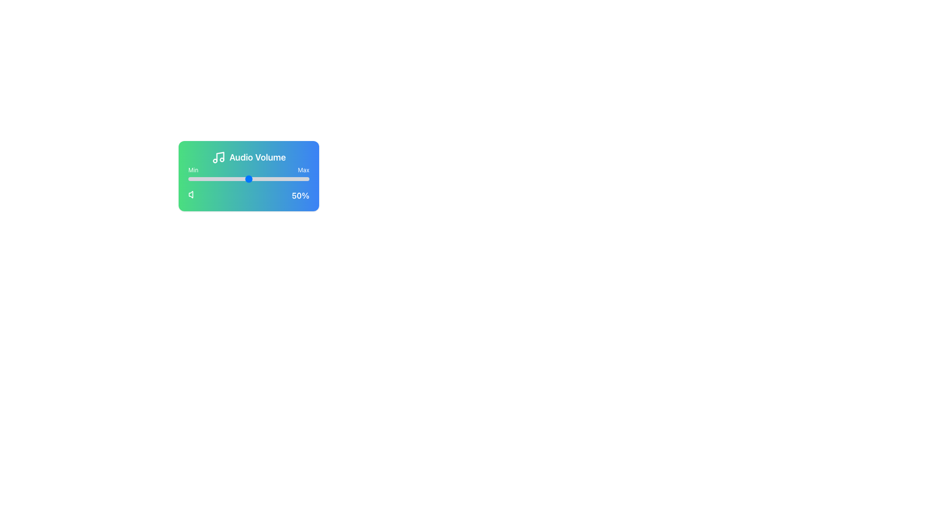 The image size is (937, 527). What do you see at coordinates (307, 179) in the screenshot?
I see `the volume` at bounding box center [307, 179].